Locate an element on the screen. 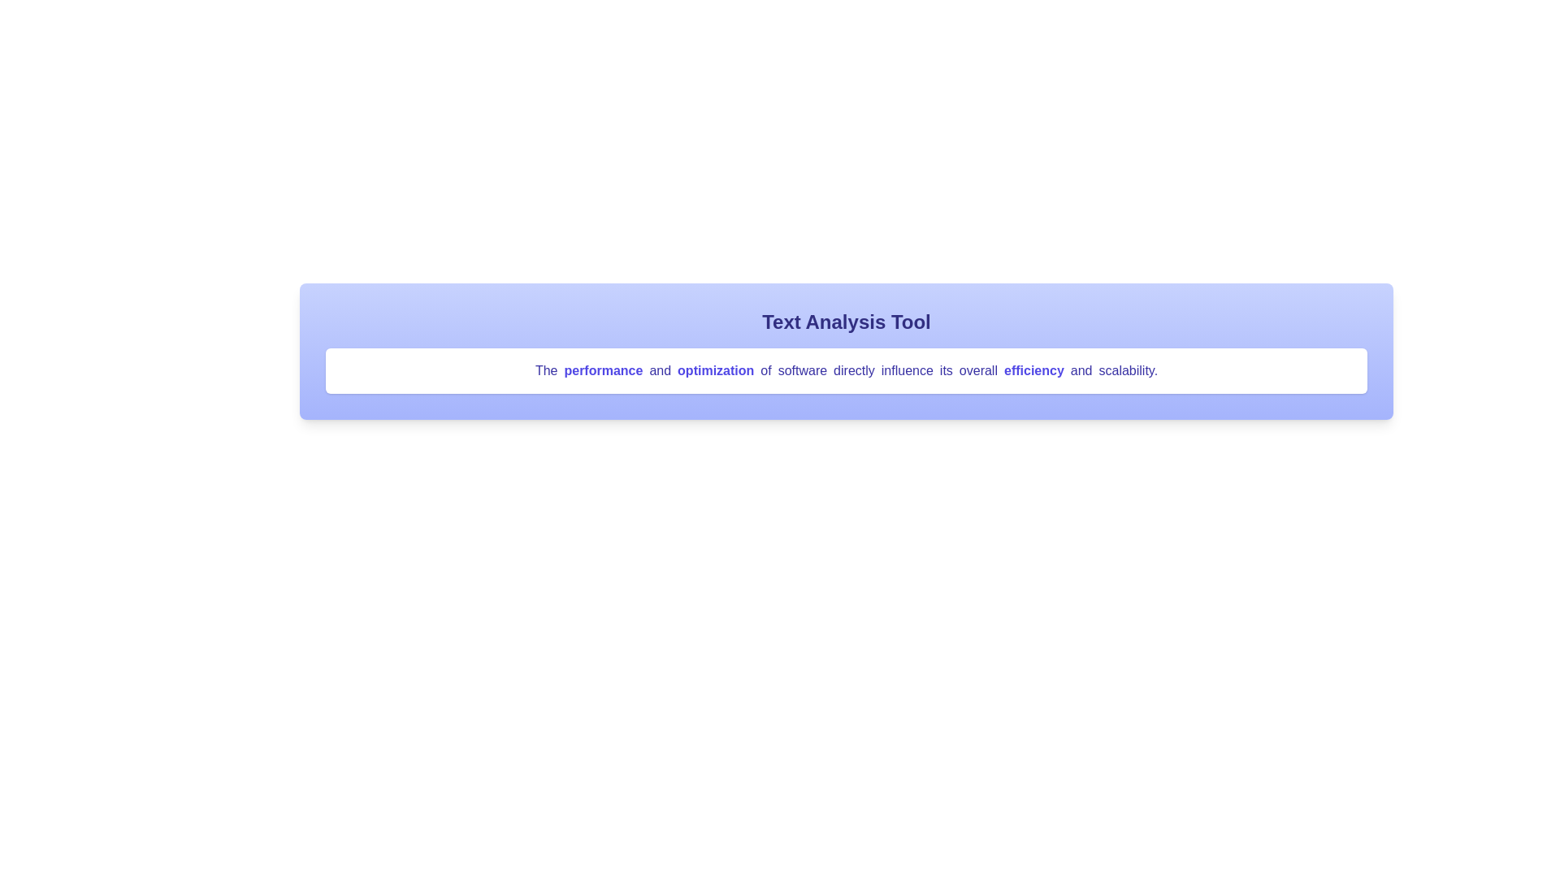  the text label that presents the term 'efficiency', which is the 11th word in the sentence describing software optimization within the 'Text Analysis Tool' panel is located at coordinates (1033, 370).